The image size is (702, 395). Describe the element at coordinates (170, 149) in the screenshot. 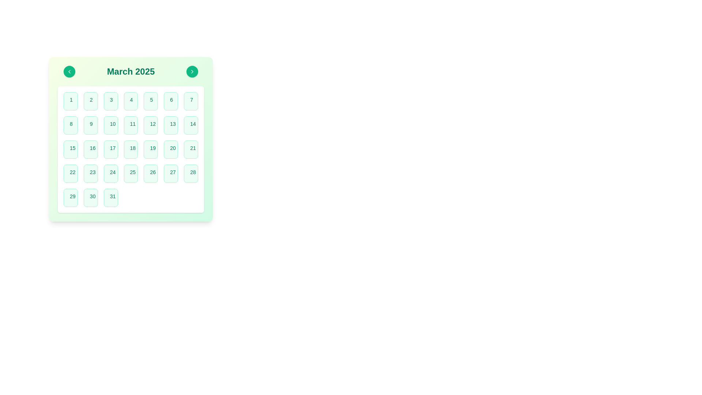

I see `the Calendar Day Box representing the 20th day of March 2025 located in the fourth row and sixth column of the calendar grid` at that location.